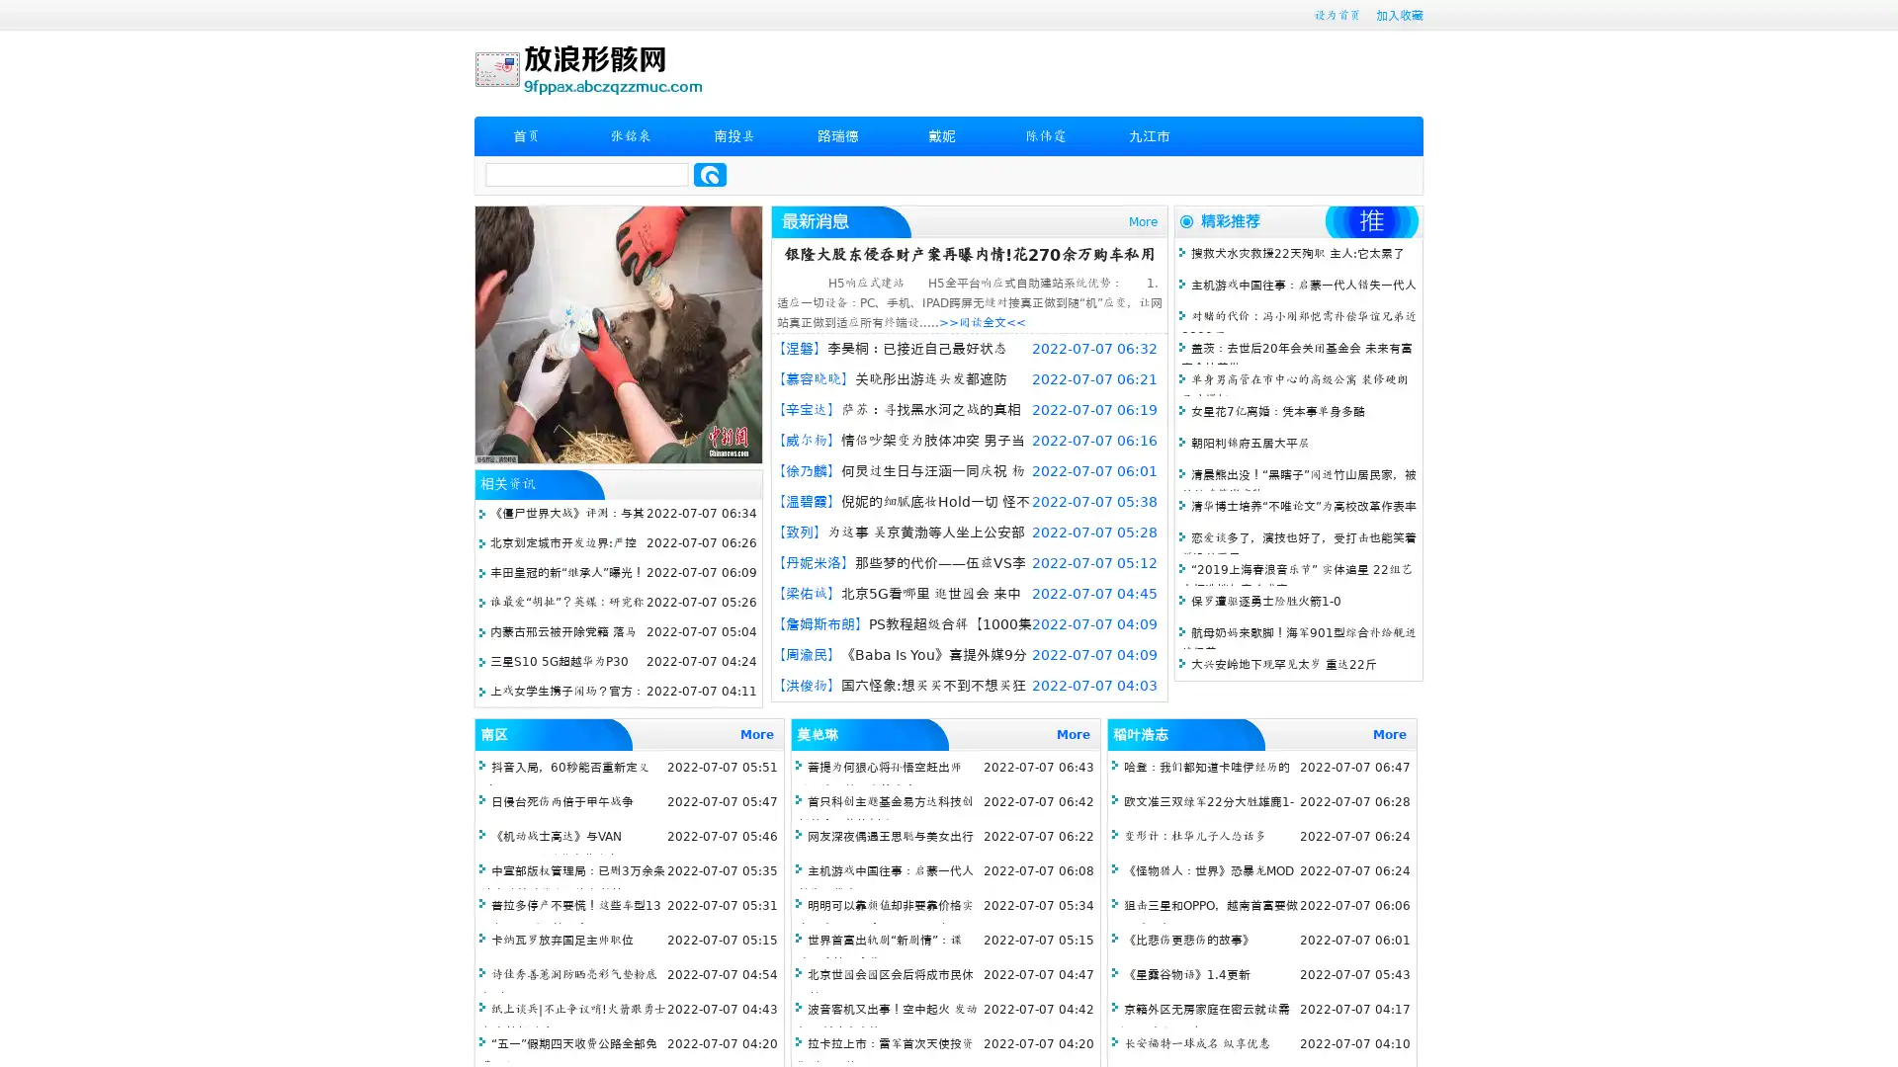 This screenshot has height=1067, width=1898. What do you see at coordinates (710, 174) in the screenshot?
I see `Search` at bounding box center [710, 174].